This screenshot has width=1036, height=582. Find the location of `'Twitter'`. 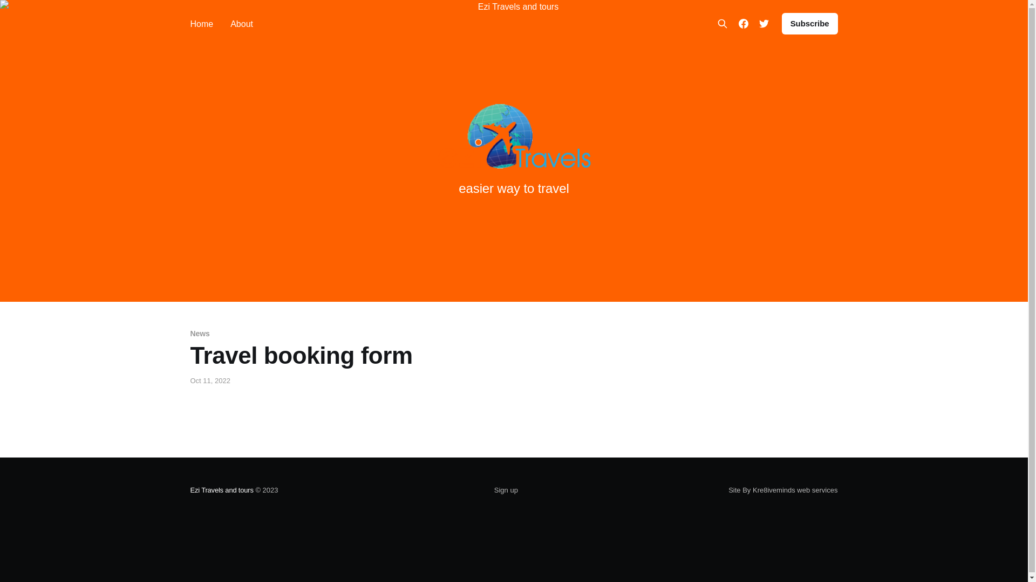

'Twitter' is located at coordinates (764, 23).